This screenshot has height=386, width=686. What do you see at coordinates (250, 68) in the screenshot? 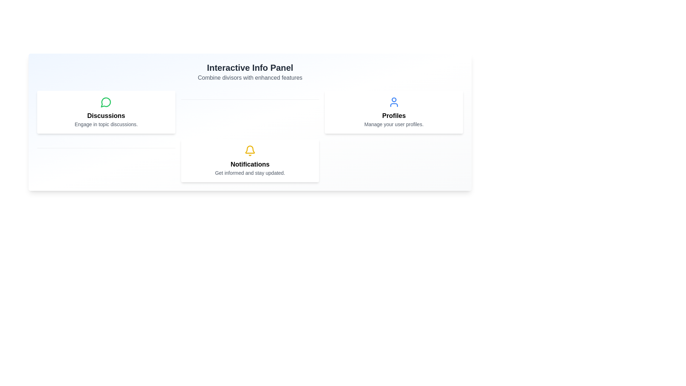
I see `text label displaying 'Interactive Info Panel' which is prominently styled in gray at the top center of its section` at bounding box center [250, 68].